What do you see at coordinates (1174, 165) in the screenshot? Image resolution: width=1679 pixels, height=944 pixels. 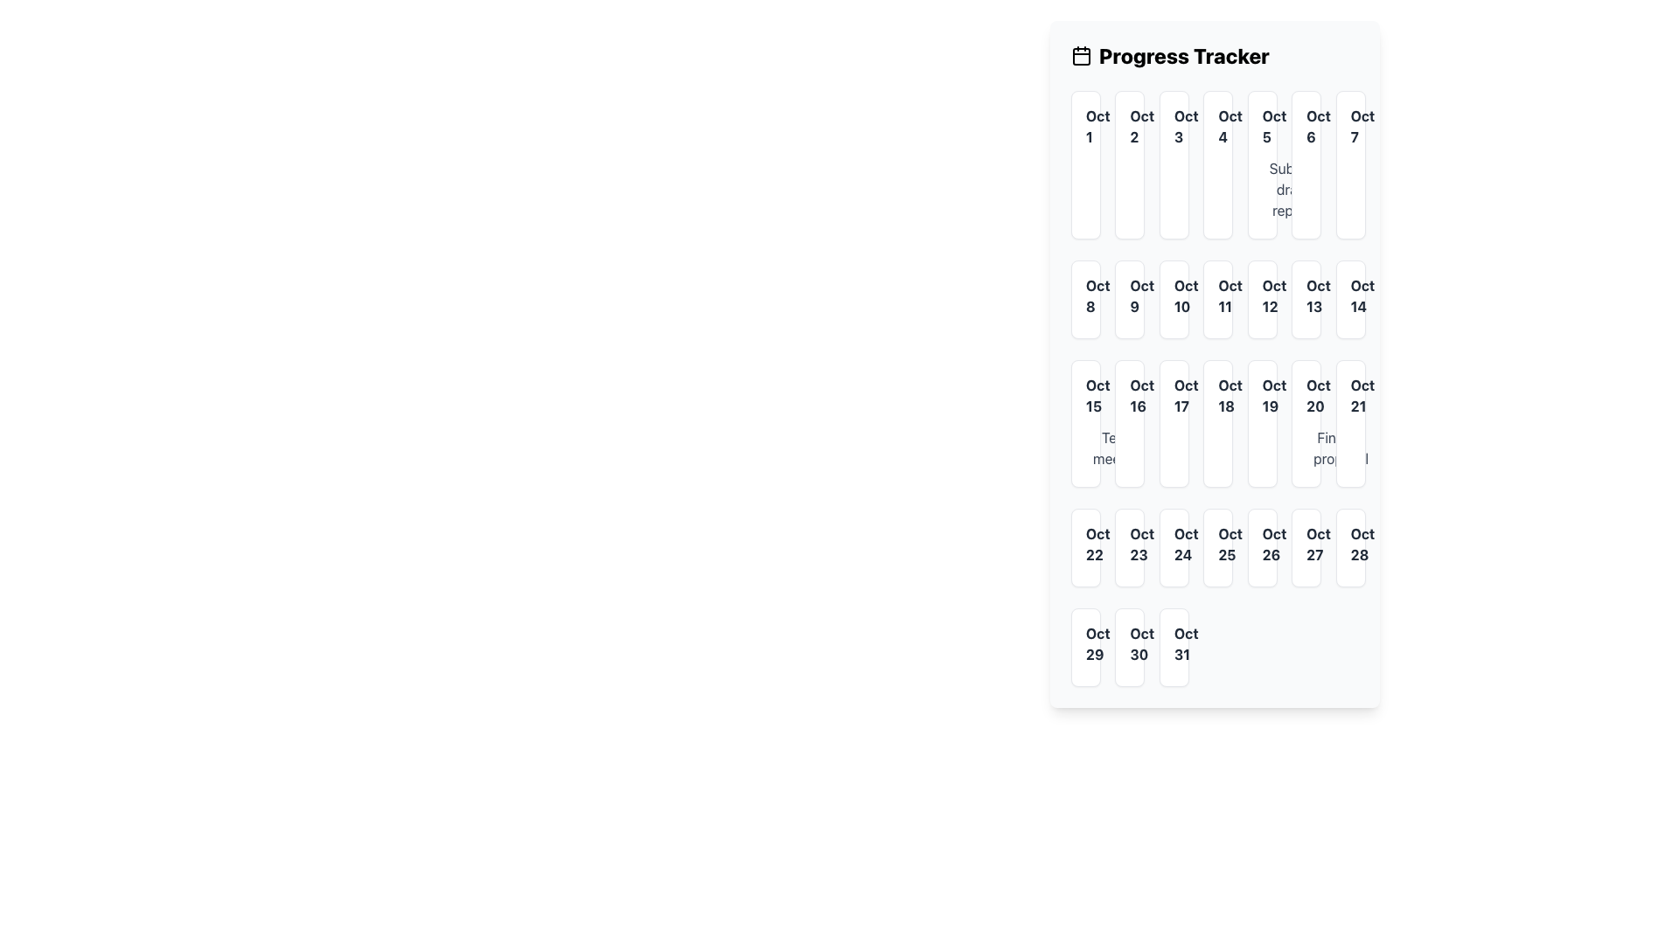 I see `the Date block displaying 'Oct 3'` at bounding box center [1174, 165].